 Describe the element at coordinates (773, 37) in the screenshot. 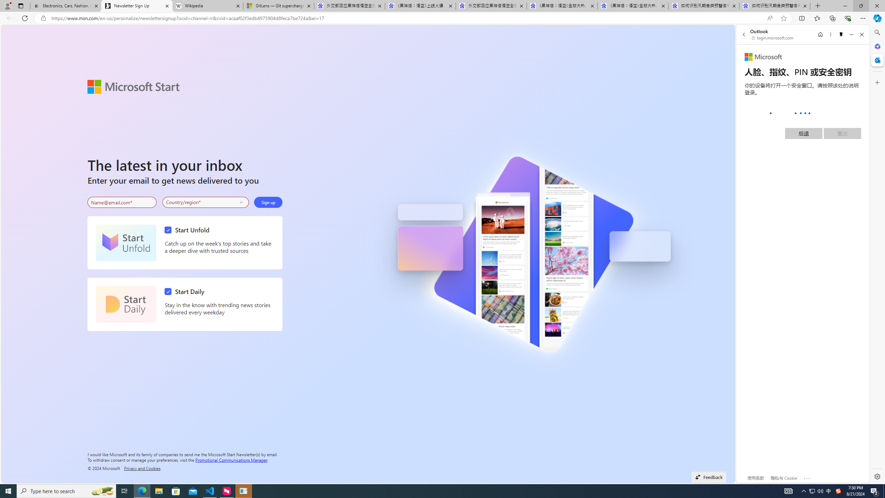

I see `'login.microsoft.com'` at that location.